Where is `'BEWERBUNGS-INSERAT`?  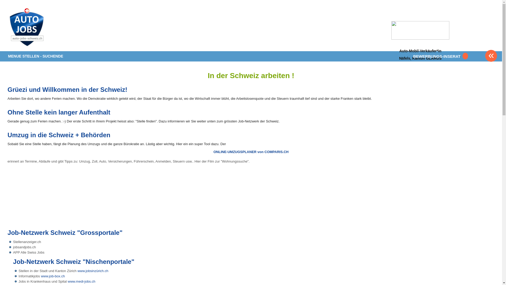 'BEWERBUNGS-INSERAT is located at coordinates (440, 56).